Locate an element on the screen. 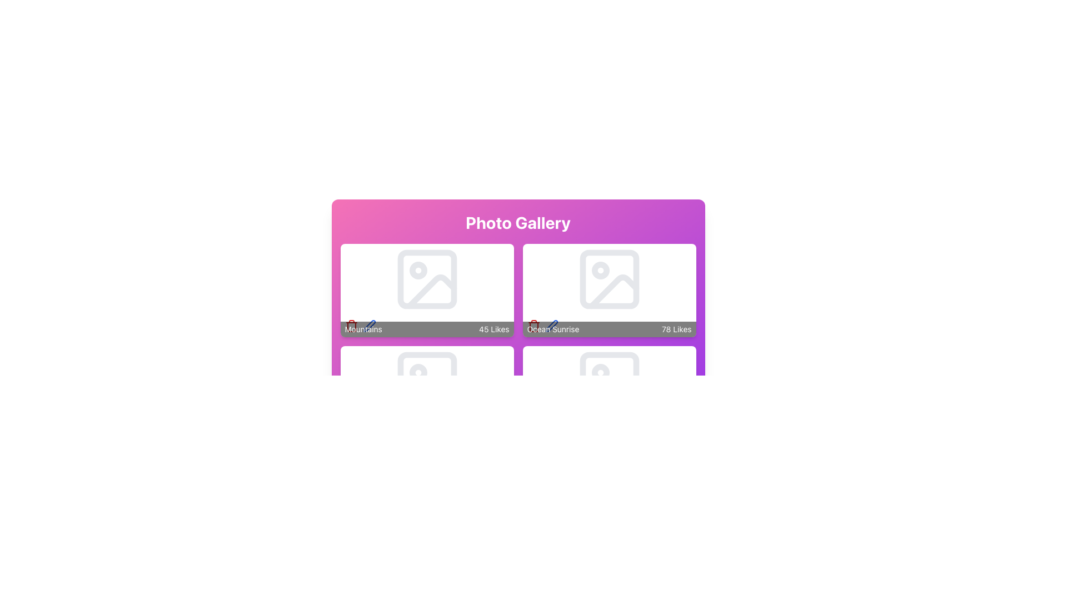 The image size is (1067, 600). text on the Text Label that displays a title or caption for the associated image, located adjacent to the '78 Likes' element in the bottom-right quadrant of the interface is located at coordinates (553, 329).